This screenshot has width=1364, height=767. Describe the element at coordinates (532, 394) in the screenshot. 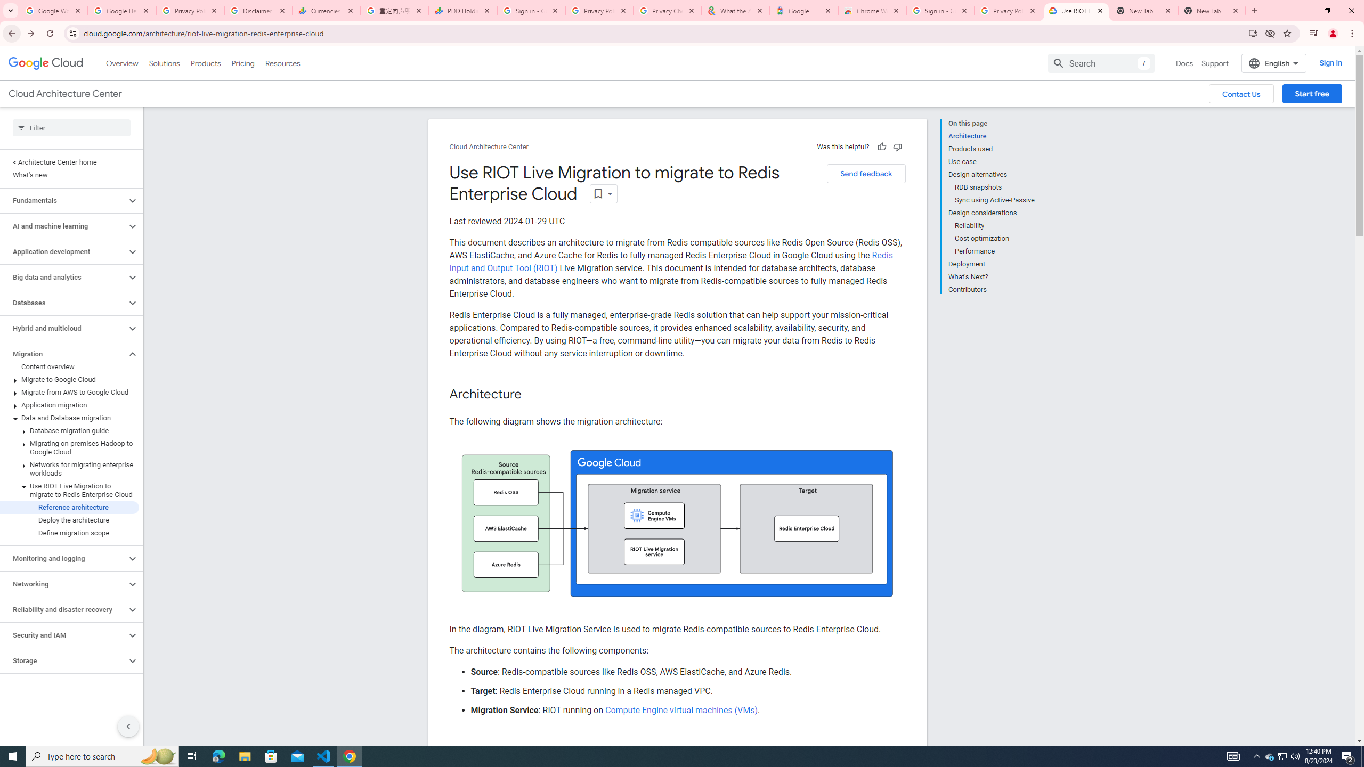

I see `'Copy link to this section: Architecture'` at that location.